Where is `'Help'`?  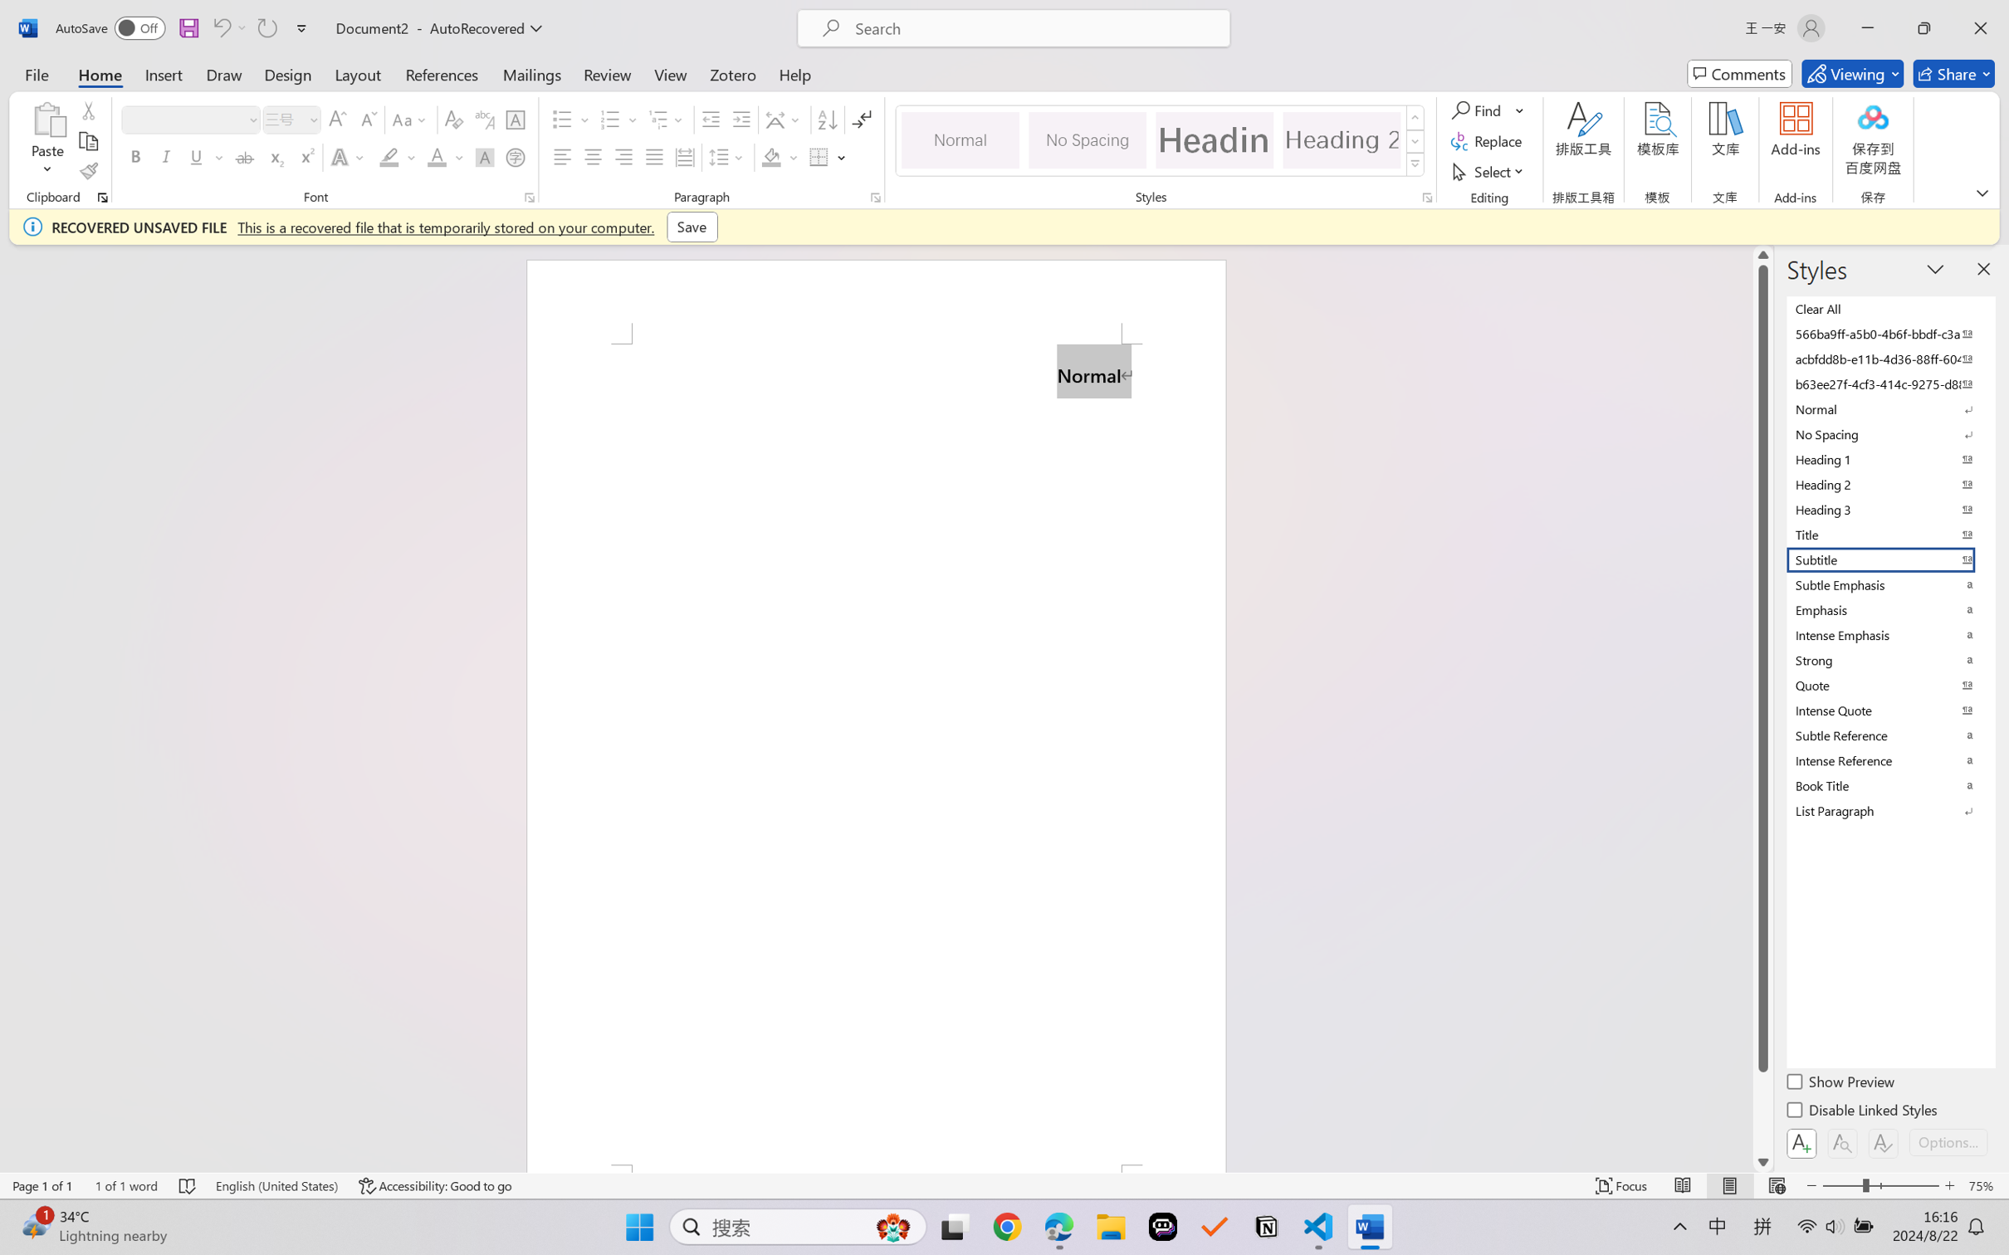
'Help' is located at coordinates (794, 73).